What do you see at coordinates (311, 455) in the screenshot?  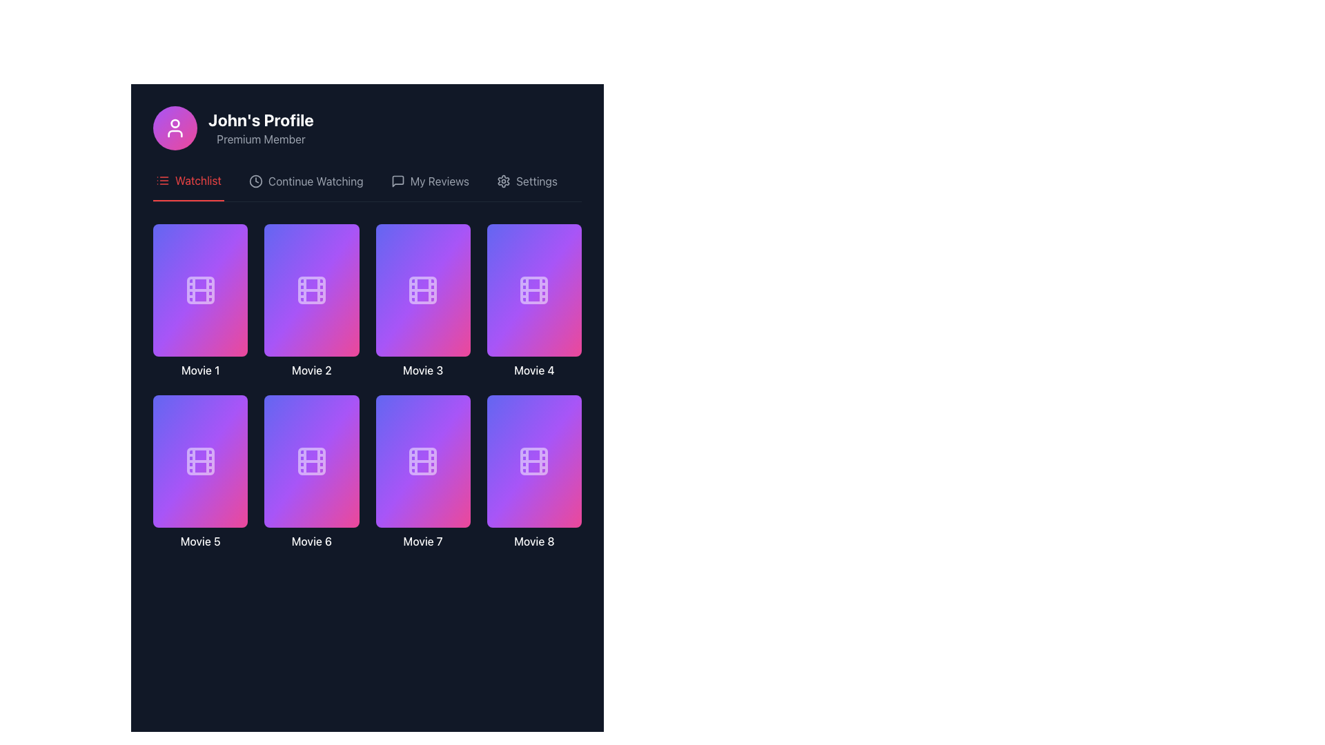 I see `the 'play' icon represented by a white triangle within the card labeled 'Movie 6'` at bounding box center [311, 455].